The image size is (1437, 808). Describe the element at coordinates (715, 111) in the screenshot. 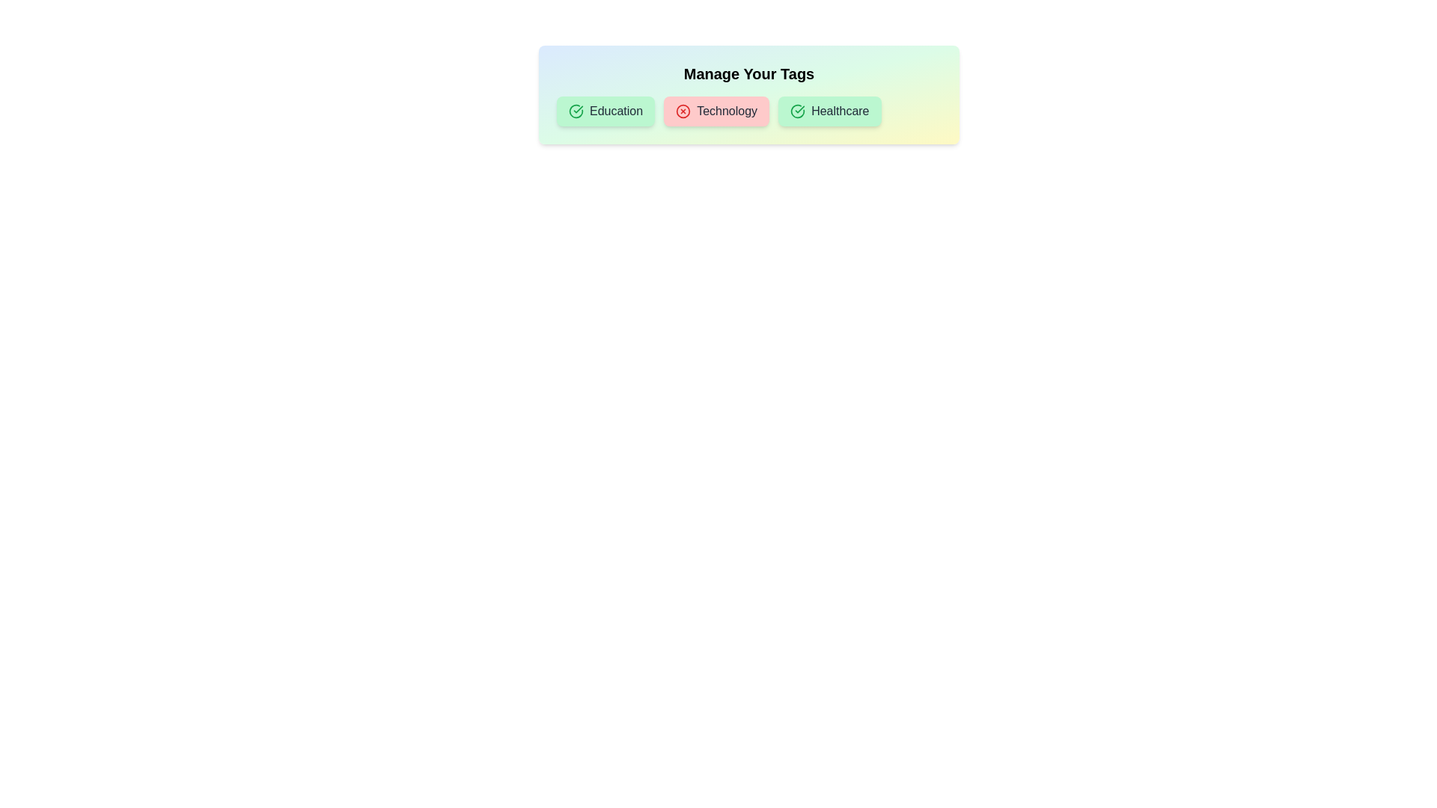

I see `the tag labeled Technology to observe its visual feedback` at that location.